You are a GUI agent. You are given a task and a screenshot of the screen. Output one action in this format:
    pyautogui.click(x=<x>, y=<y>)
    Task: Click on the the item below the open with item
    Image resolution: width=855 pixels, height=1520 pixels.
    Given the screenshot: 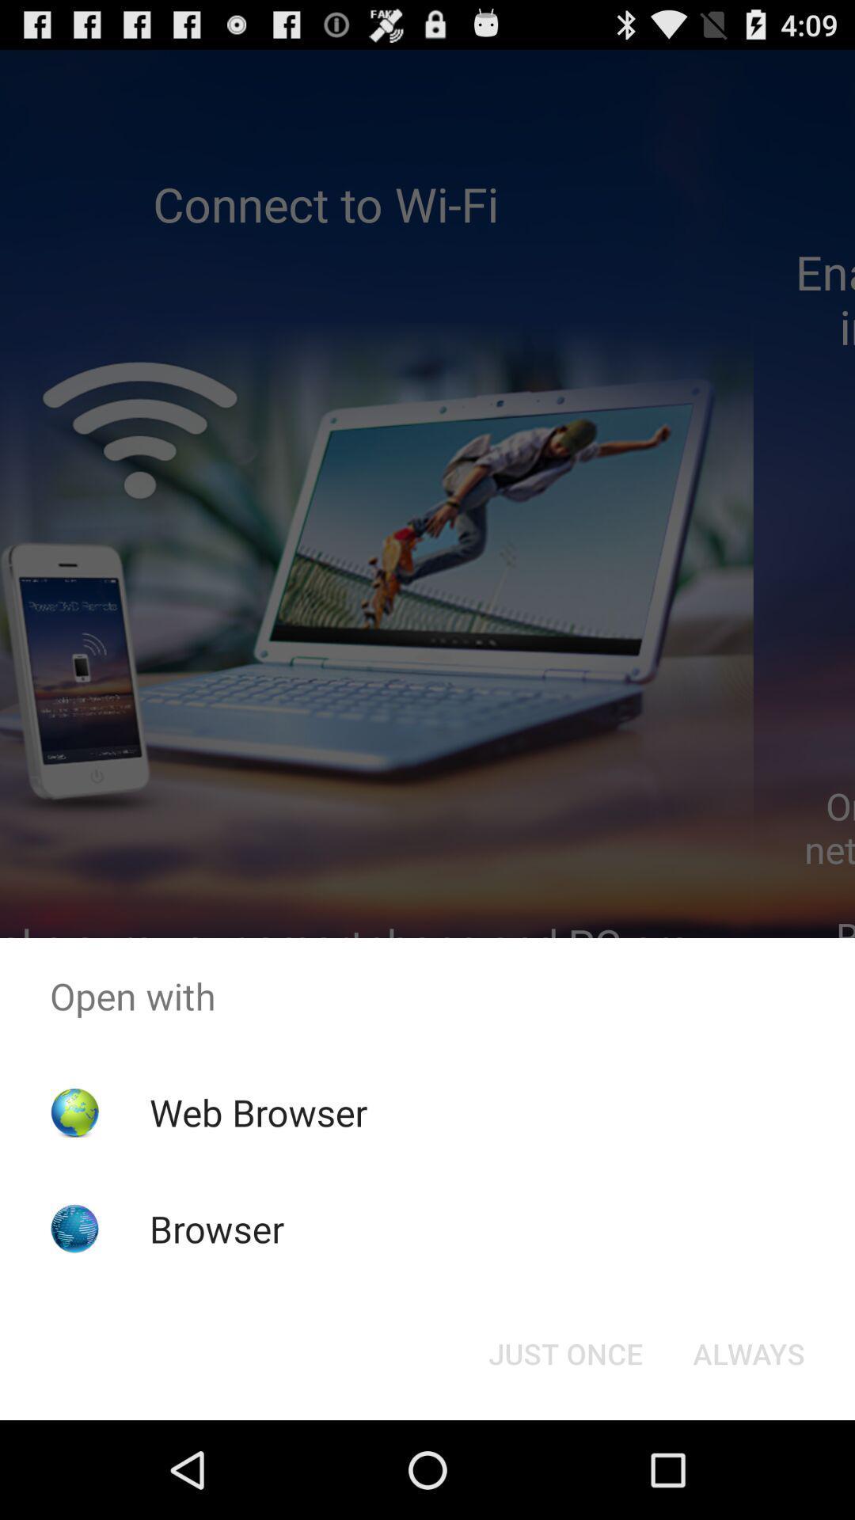 What is the action you would take?
    pyautogui.click(x=748, y=1352)
    